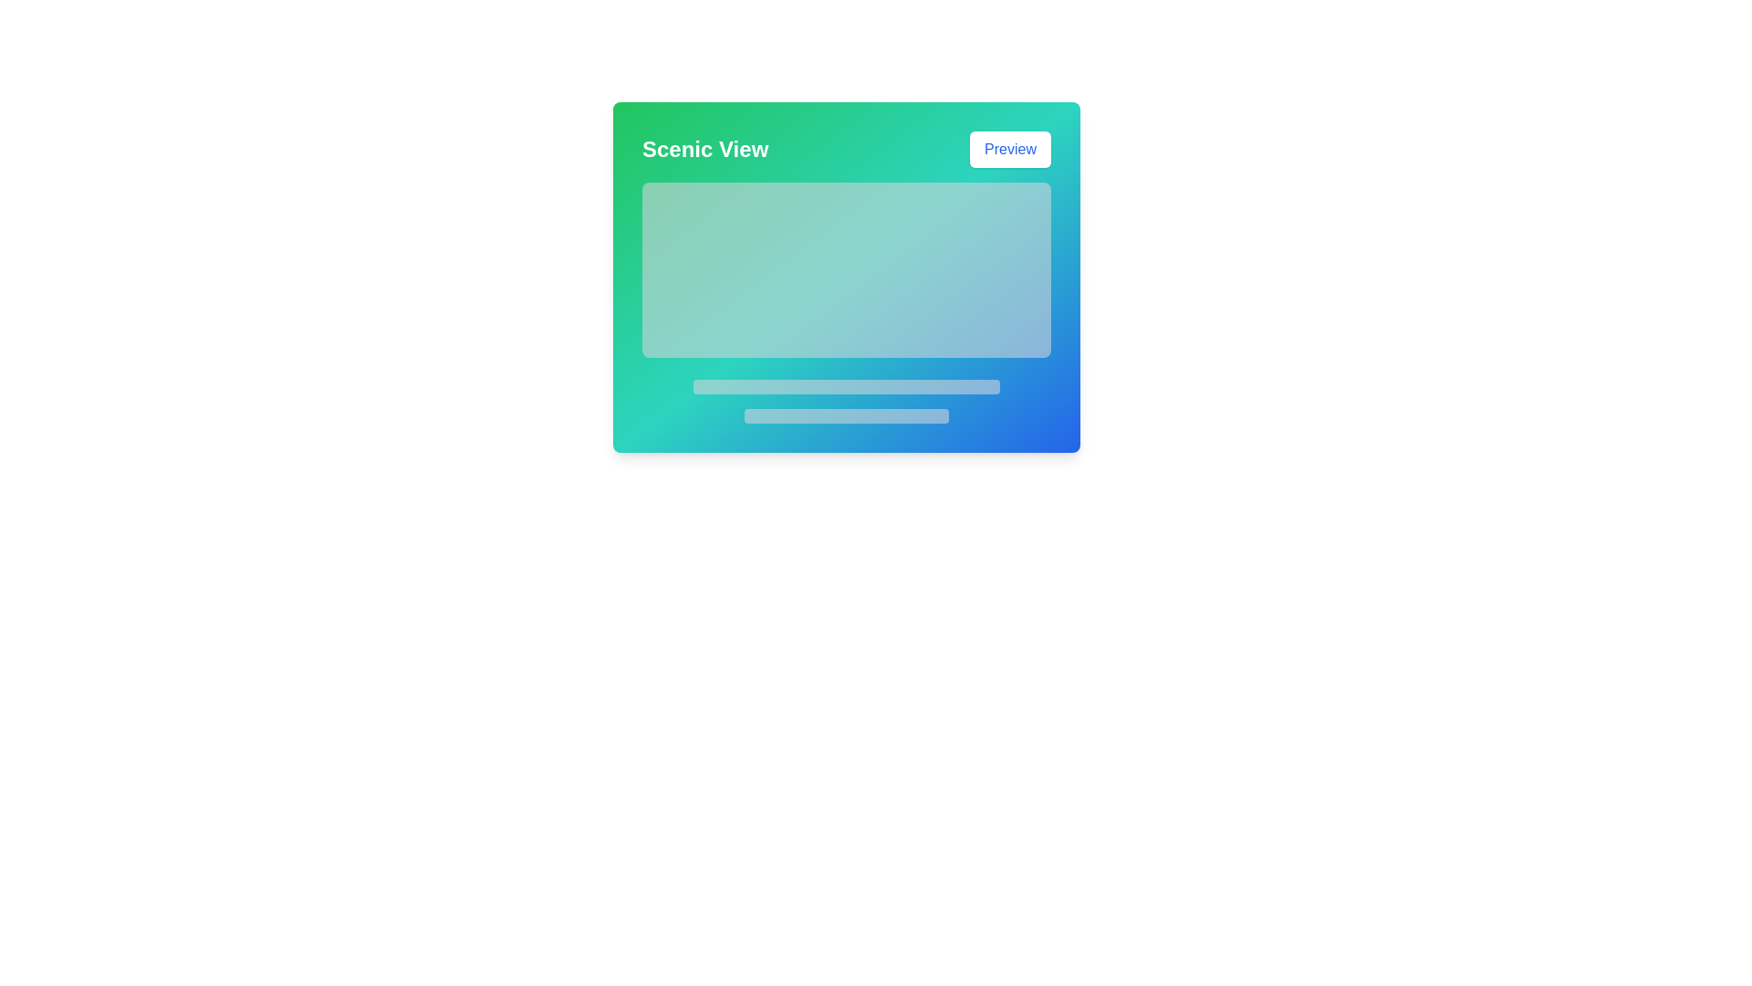 This screenshot has width=1752, height=986. Describe the element at coordinates (845, 415) in the screenshot. I see `the decorative rectangular bar at the bottom-central part of the interface, which serves as a skeleton loading placeholder` at that location.